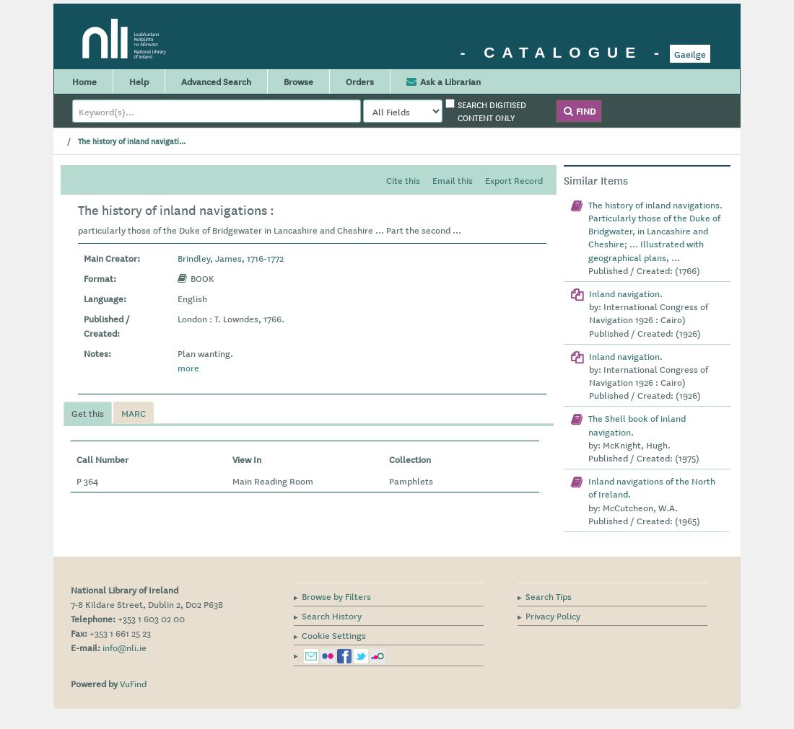  Describe the element at coordinates (71, 632) in the screenshot. I see `'Fax:'` at that location.